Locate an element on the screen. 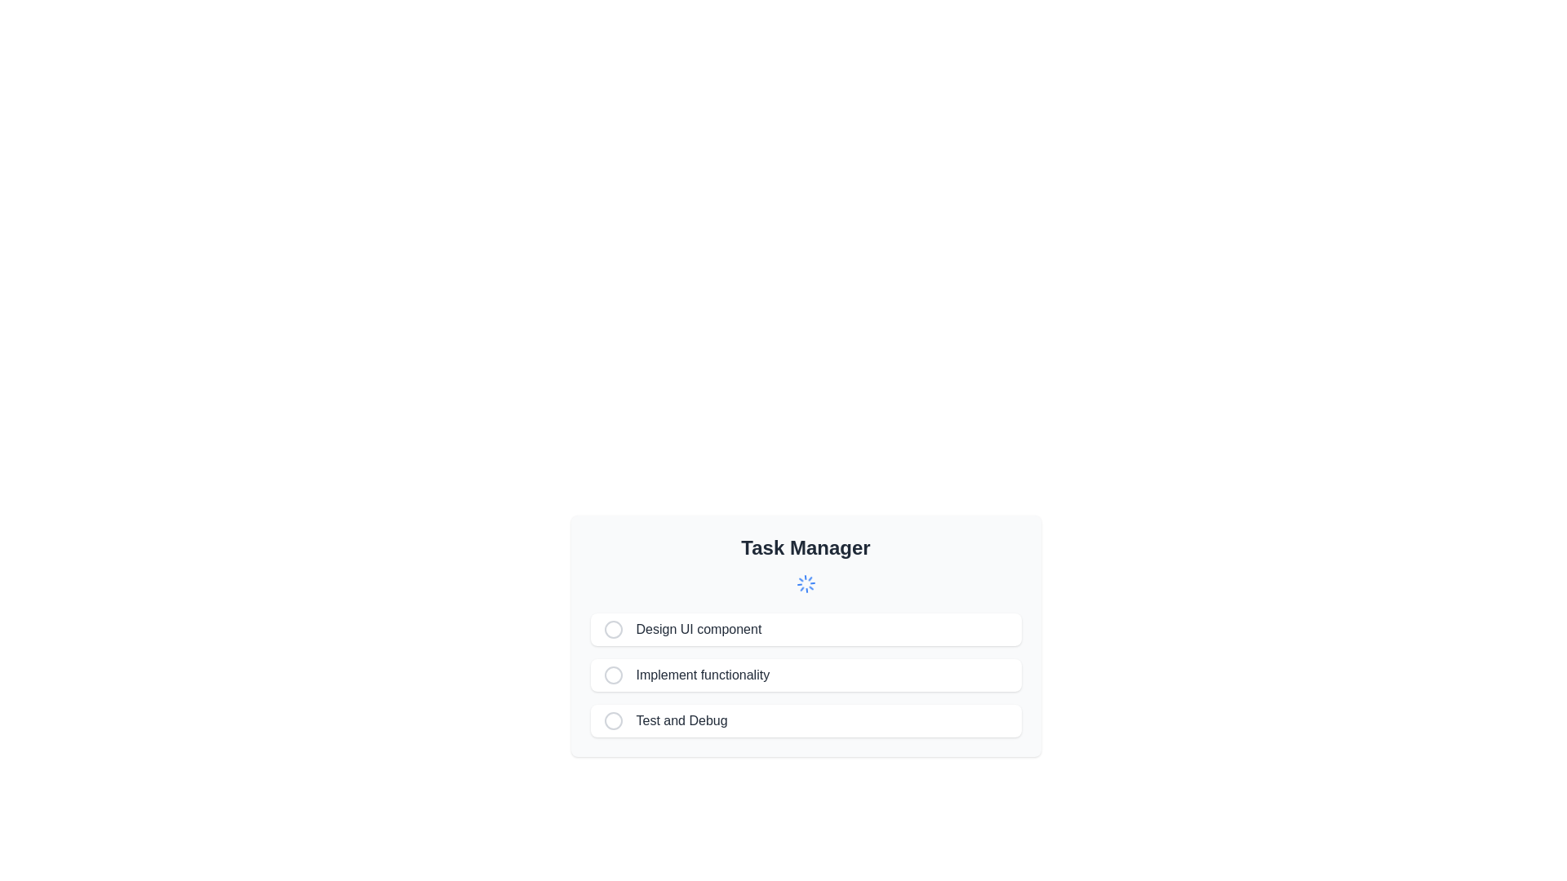 Image resolution: width=1567 pixels, height=881 pixels. the circular area of the checkbox located to the left of the 'Implement functionality' task row is located at coordinates (612, 675).